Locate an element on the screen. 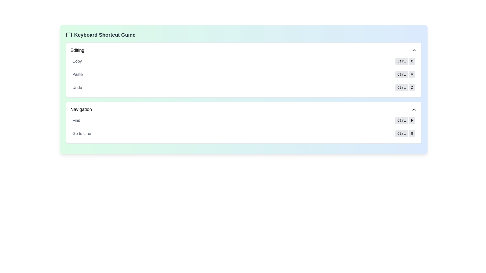  the text label displaying 'Copy' in gray font, located within the 'Editing' section of the 'Keyboard Shortcut Guide' interface is located at coordinates (77, 61).